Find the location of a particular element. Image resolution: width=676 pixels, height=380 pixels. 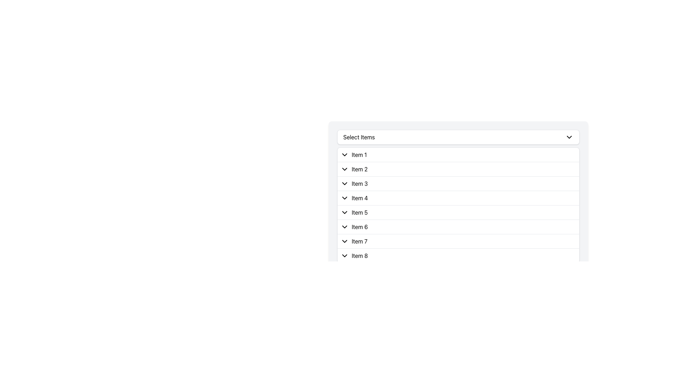

the list item labeled 'Item 2' is located at coordinates (458, 169).